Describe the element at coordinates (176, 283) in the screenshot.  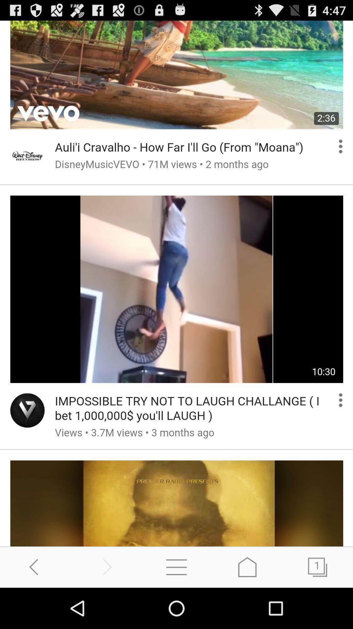
I see `opens video` at that location.